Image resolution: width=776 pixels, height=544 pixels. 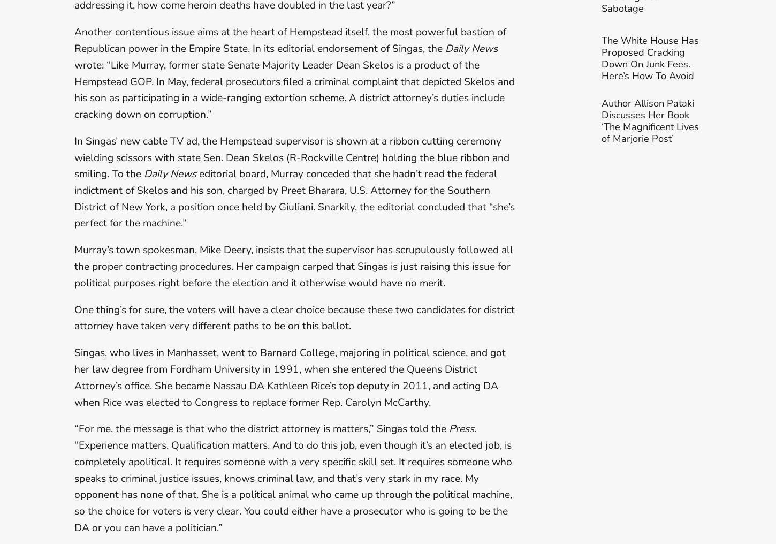 What do you see at coordinates (74, 318) in the screenshot?
I see `'One thing’s for sure, the voters will have a clear choice because these two candidates for district attorney have taken very different paths to be on this ballot.'` at bounding box center [74, 318].